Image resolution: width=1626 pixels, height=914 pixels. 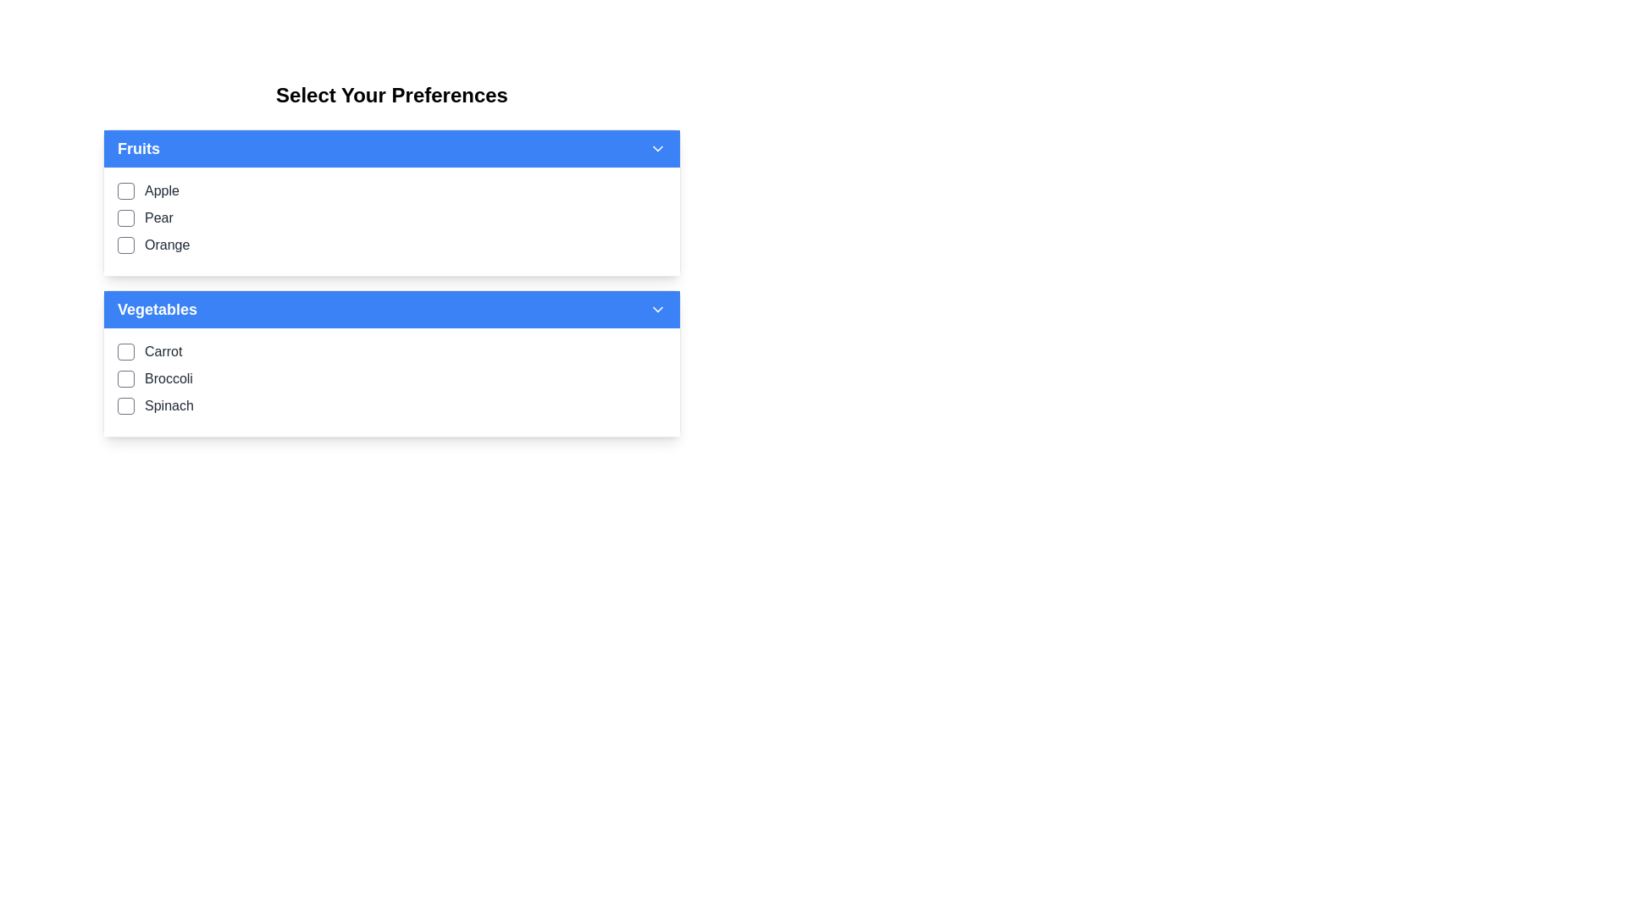 What do you see at coordinates (162, 190) in the screenshot?
I see `the 'Apple' static text label, which is the first item in the Fruits category list and is located directly to the right of its corresponding checkbox` at bounding box center [162, 190].